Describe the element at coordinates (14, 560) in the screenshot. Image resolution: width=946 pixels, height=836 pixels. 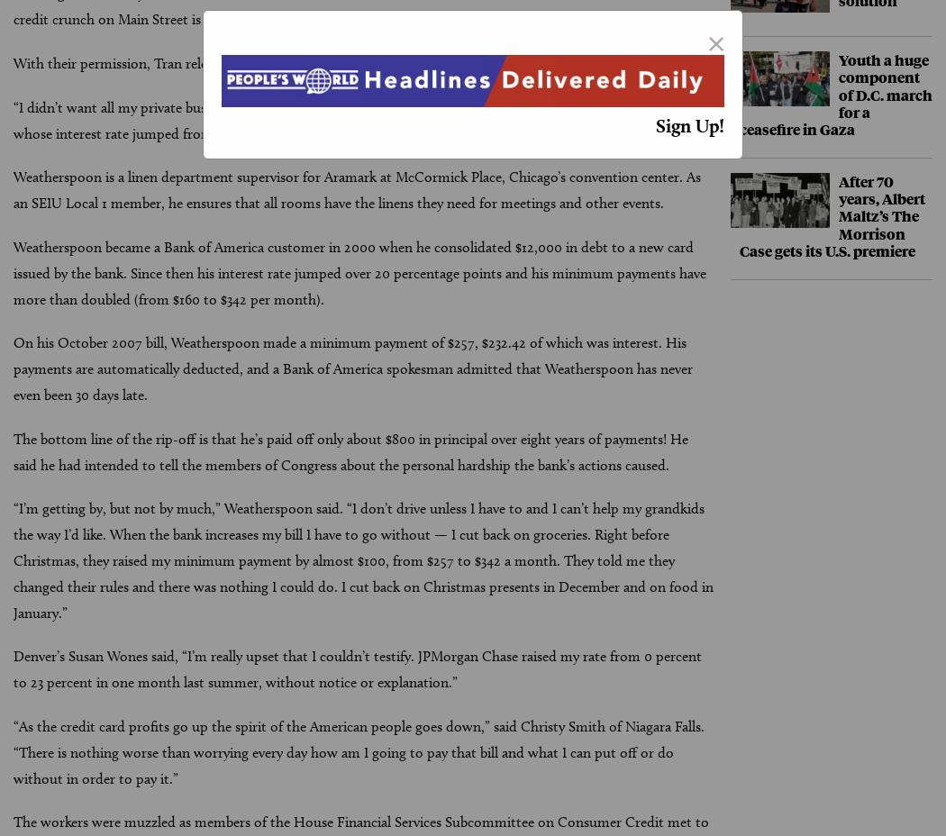
I see `'“I’m getting by, but not by much,” Weatherspoon said. “I don’t drive unless I have to and I can’t help my grandkids the way I’d like. When the bank increases my bill I have to go without — I cut back on groceries. Right before Christmas, they raised my minimum payment by almost $100, from $257 to $342 a month. They told me they changed their rules and there was nothing I could do. I cut back on Christmas presents in December and on food in January.”'` at that location.